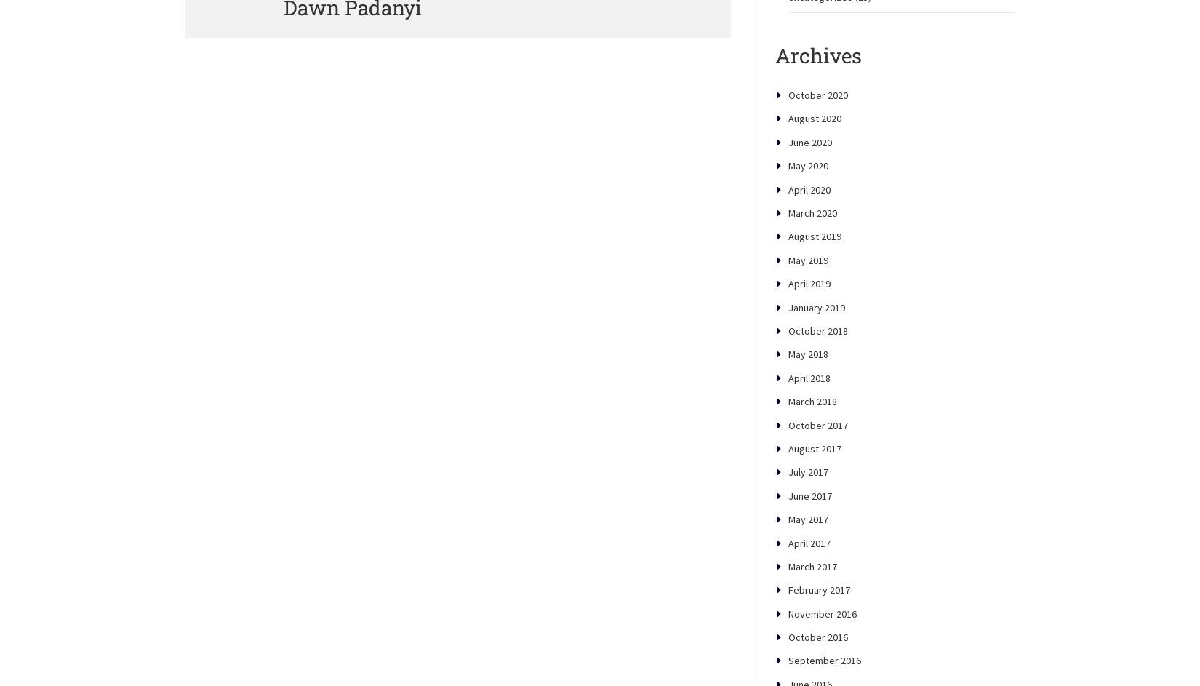  What do you see at coordinates (815, 285) in the screenshot?
I see `'August 2019'` at bounding box center [815, 285].